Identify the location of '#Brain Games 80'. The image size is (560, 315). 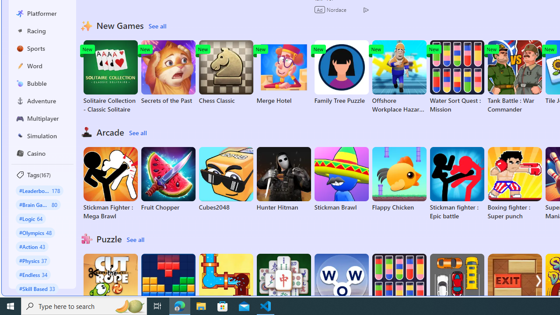
(38, 204).